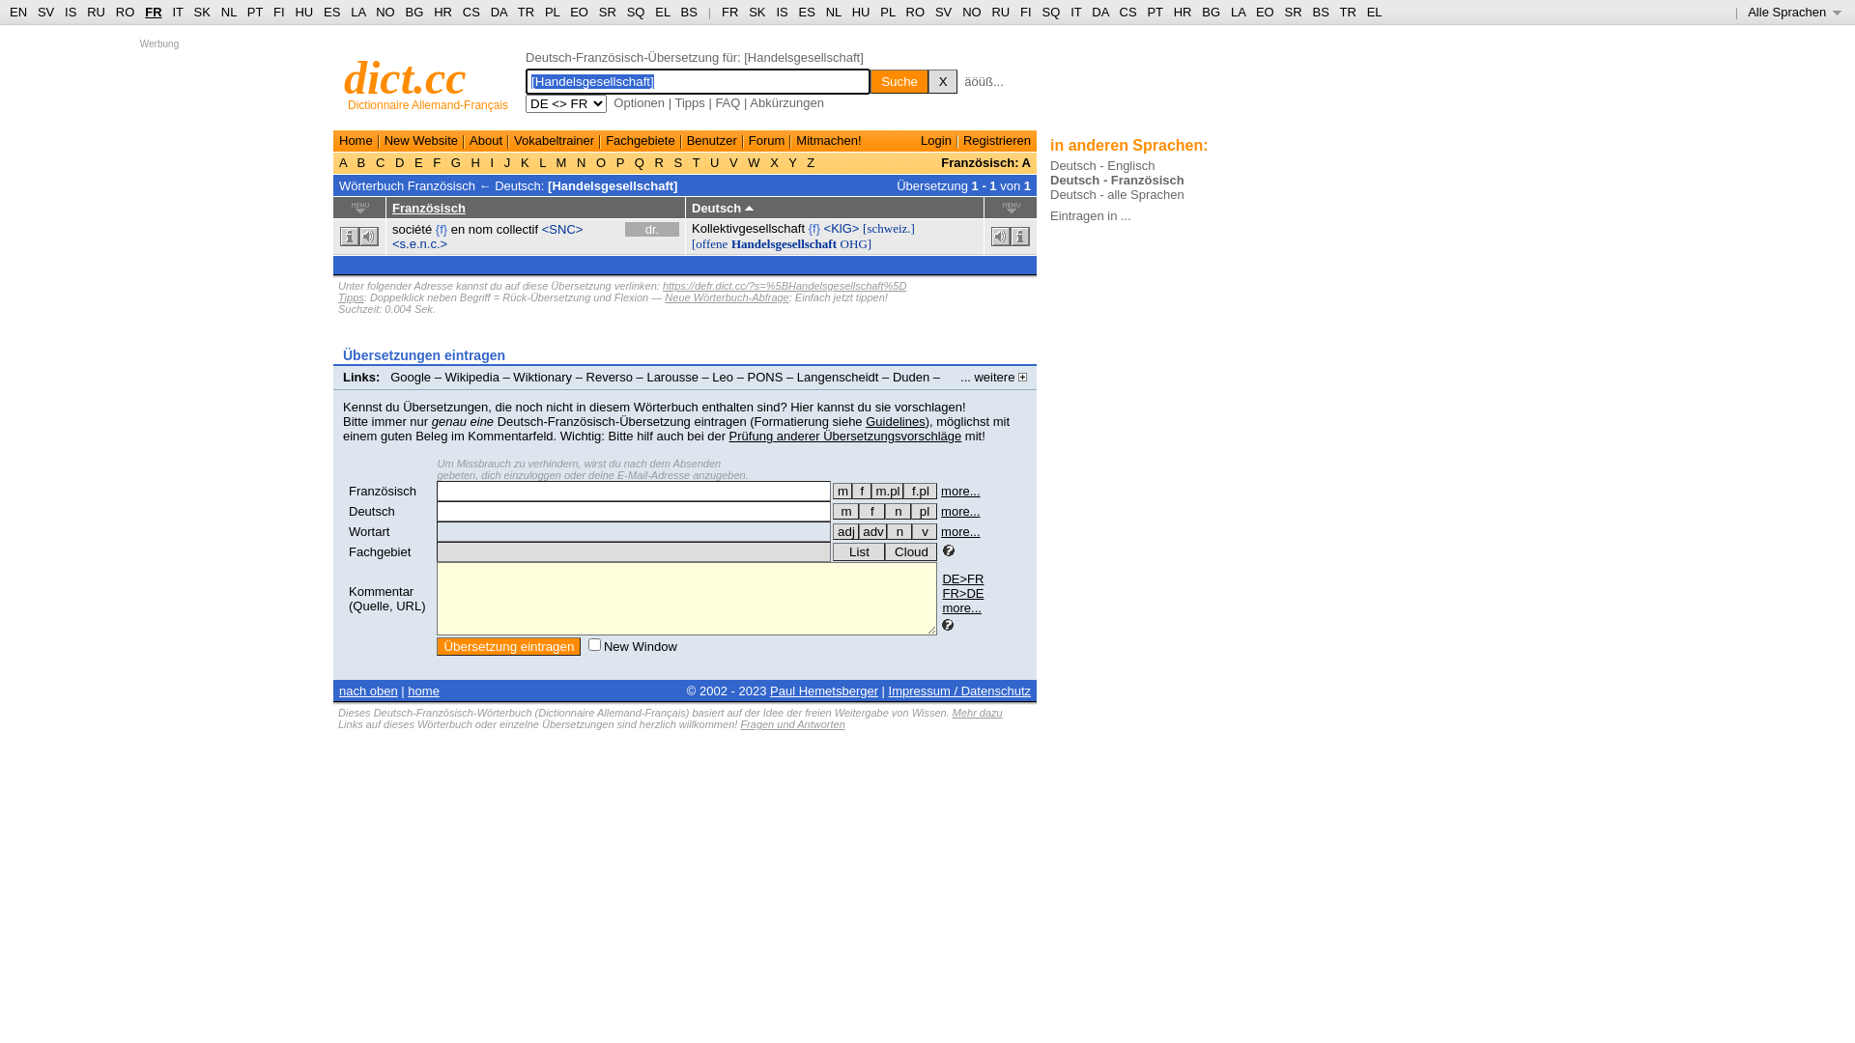  Describe the element at coordinates (923, 510) in the screenshot. I see `'pl'` at that location.